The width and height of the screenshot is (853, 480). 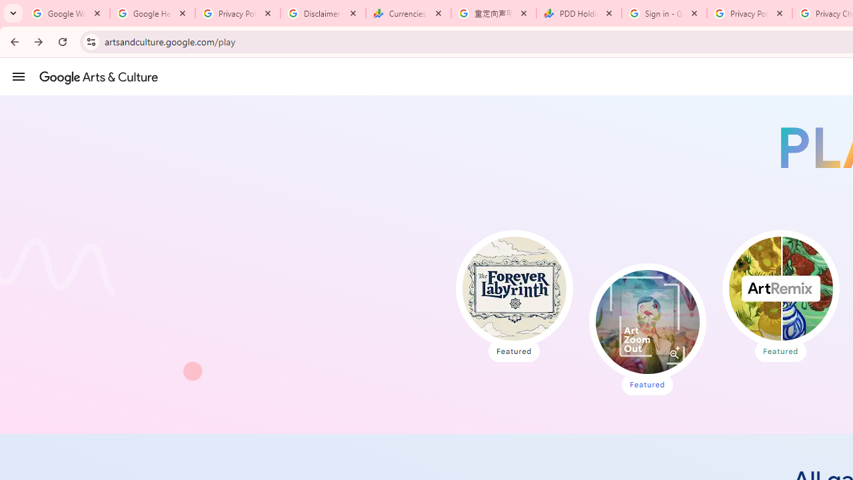 I want to click on 'Currencies - Google Finance', so click(x=408, y=13).